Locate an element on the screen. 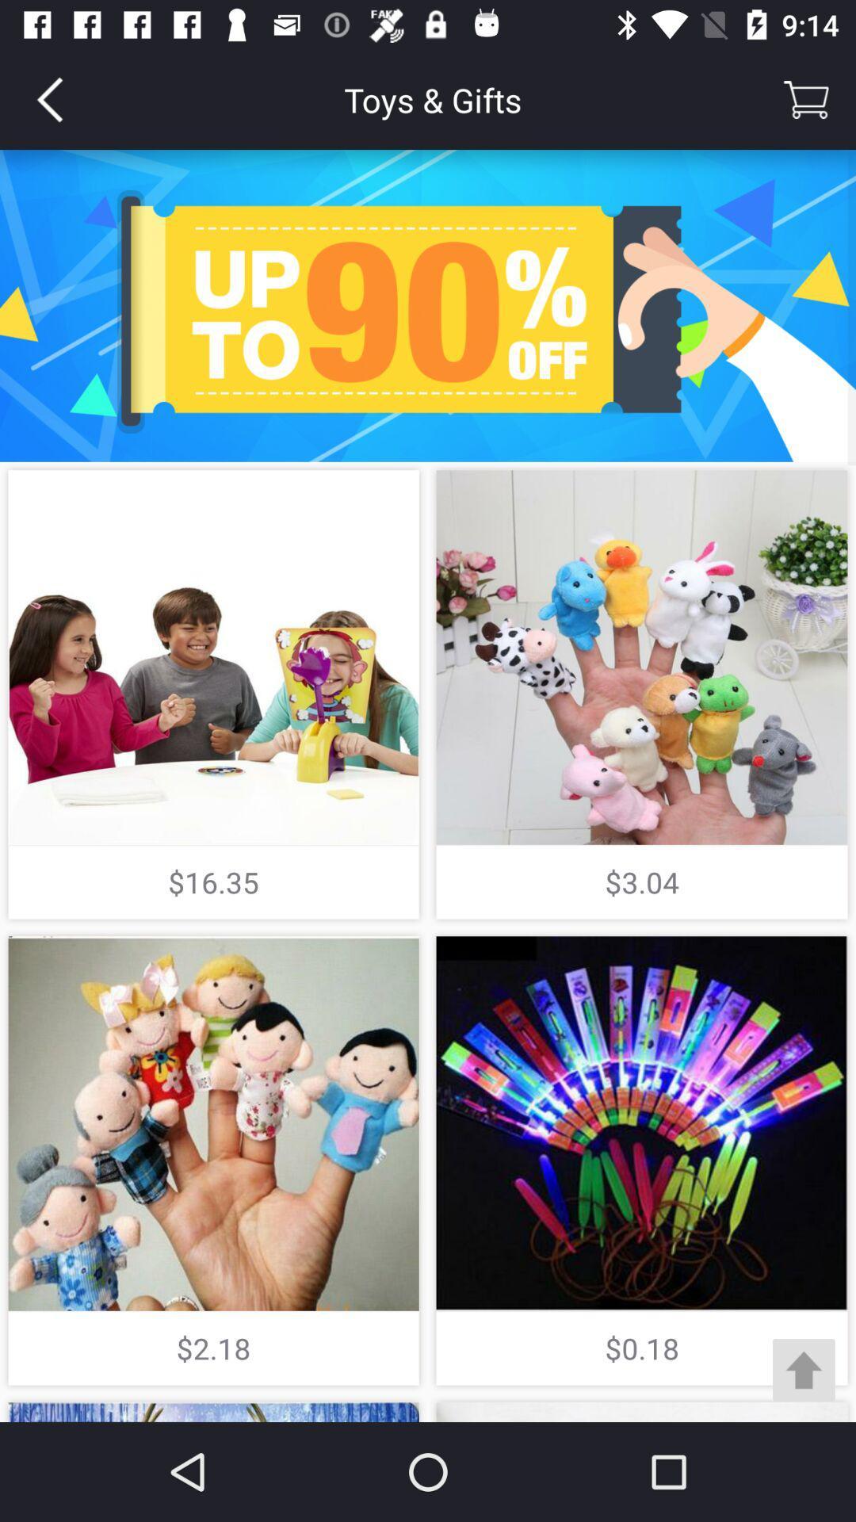 The image size is (856, 1522). scroll to top is located at coordinates (804, 1369).